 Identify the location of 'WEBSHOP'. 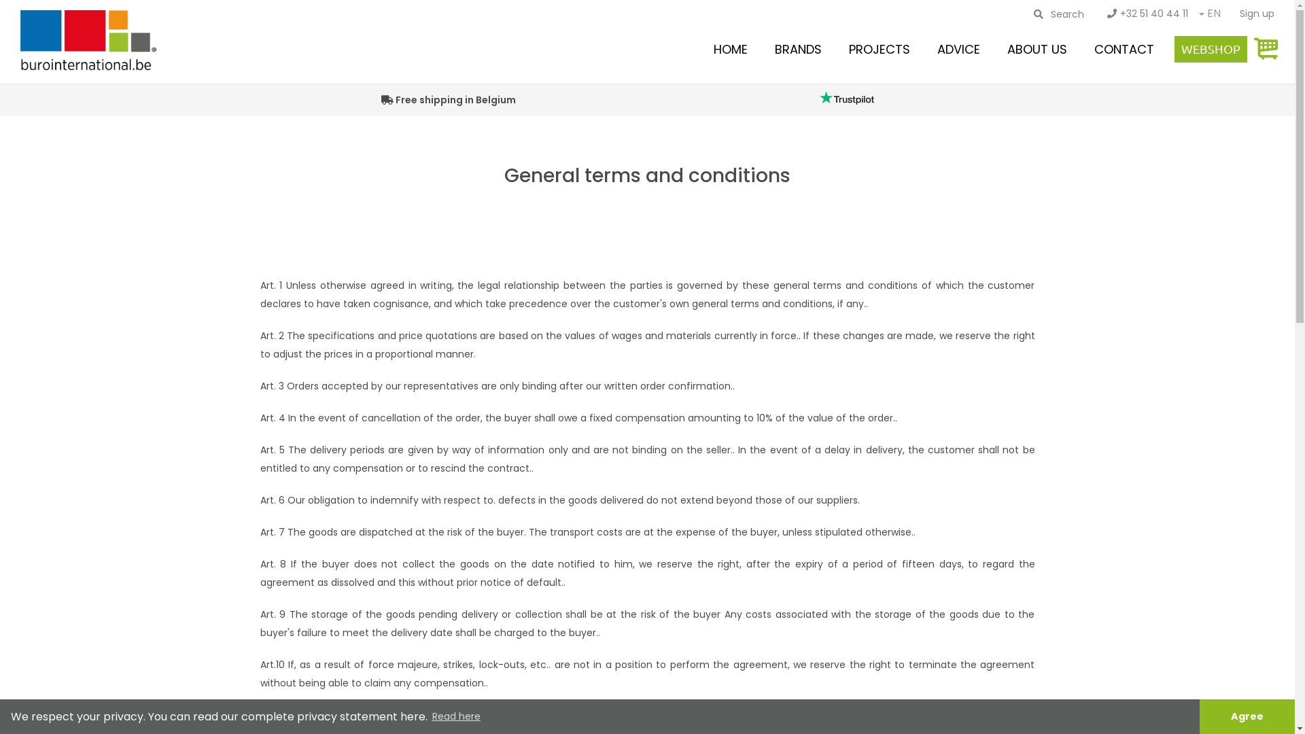
(1211, 48).